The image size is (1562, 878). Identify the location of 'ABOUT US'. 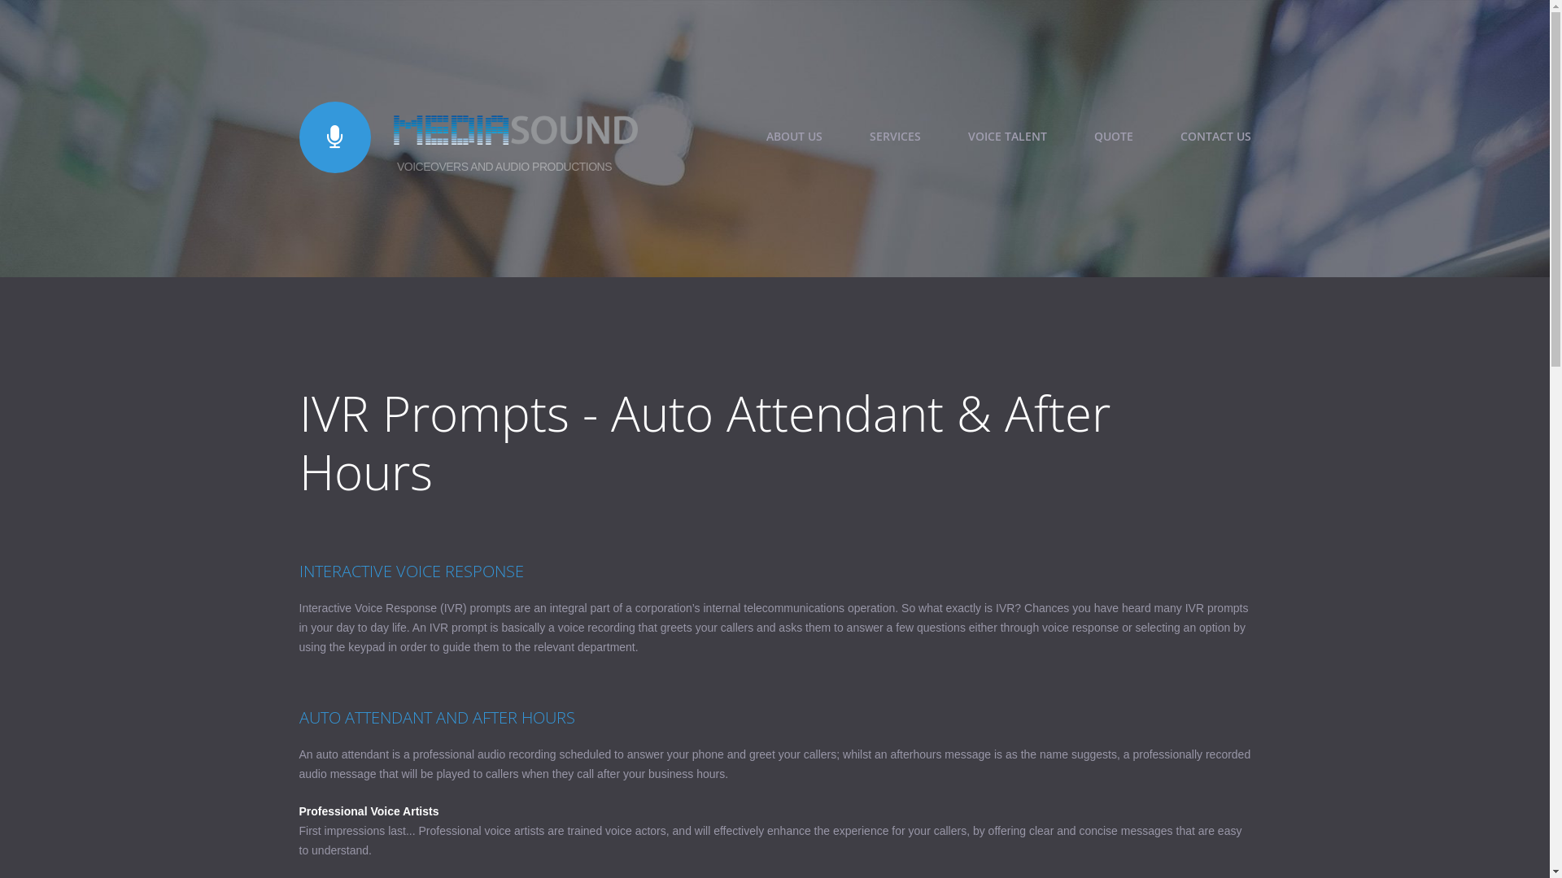
(794, 136).